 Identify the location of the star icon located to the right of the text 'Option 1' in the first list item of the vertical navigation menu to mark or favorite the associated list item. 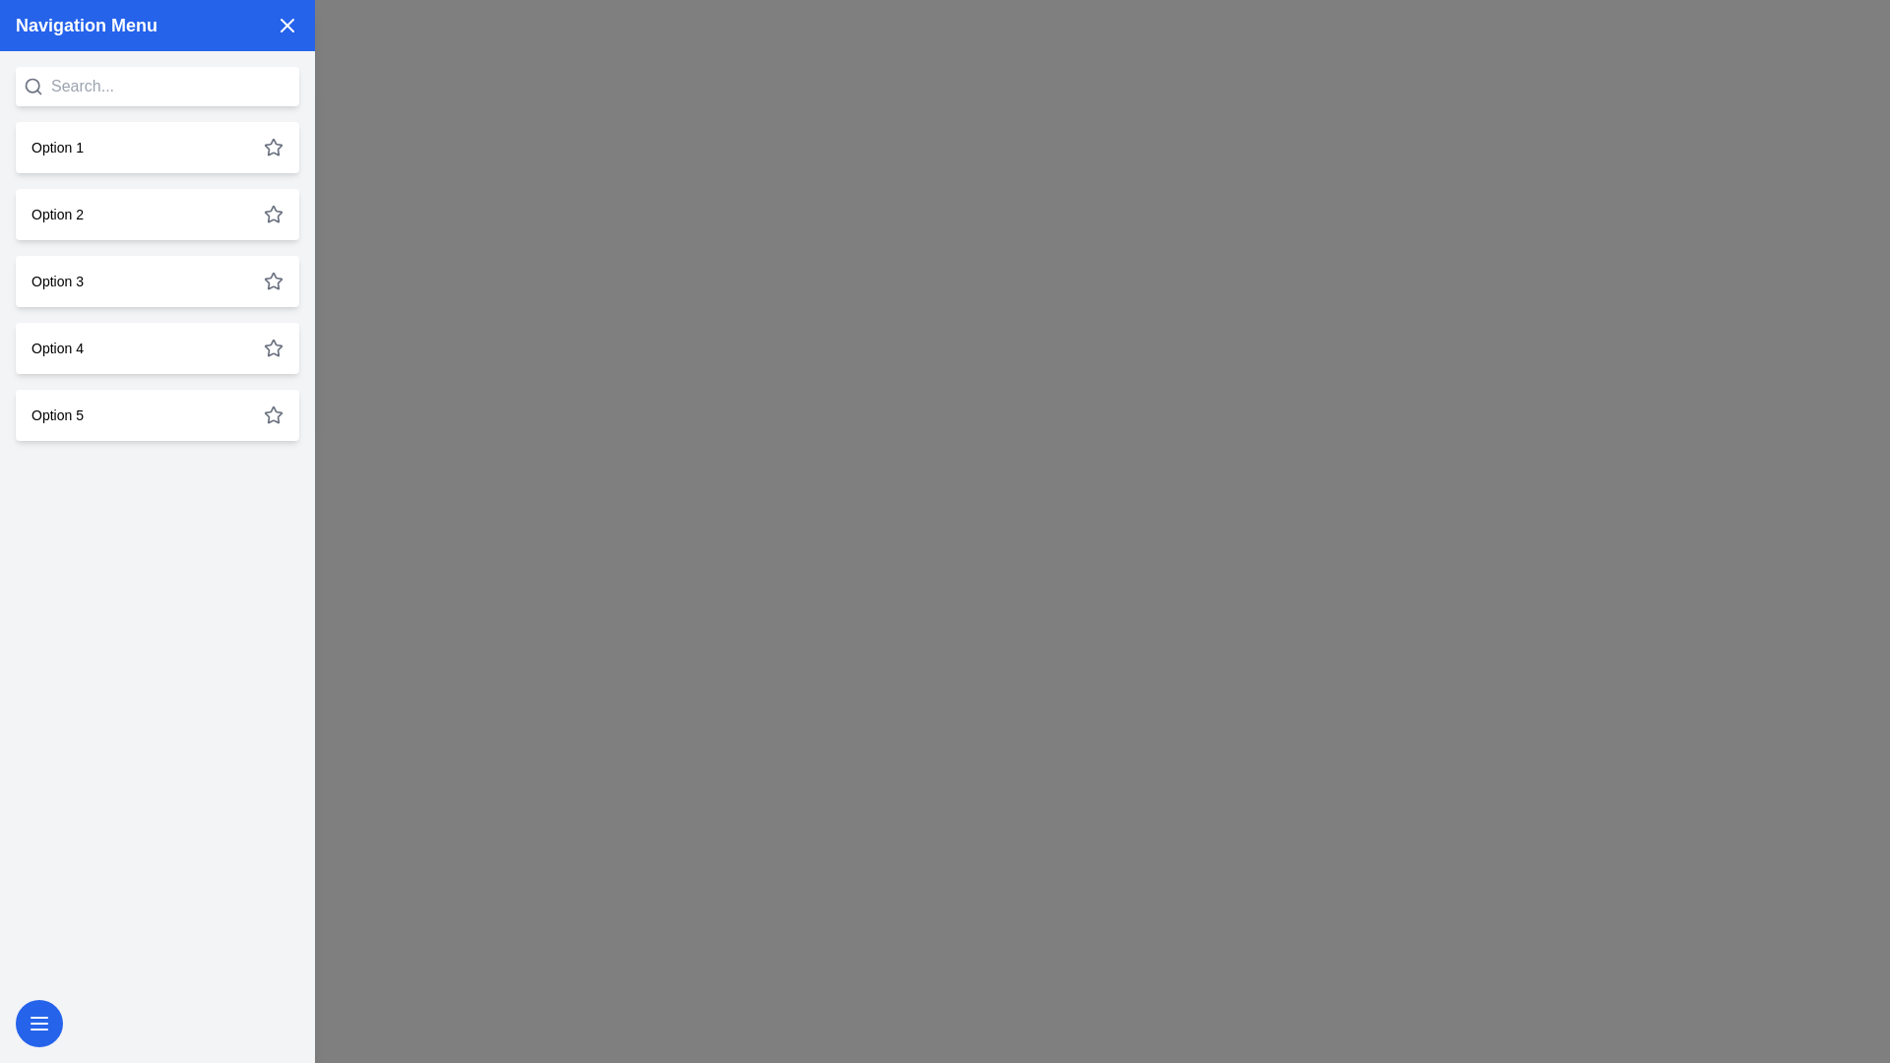
(273, 147).